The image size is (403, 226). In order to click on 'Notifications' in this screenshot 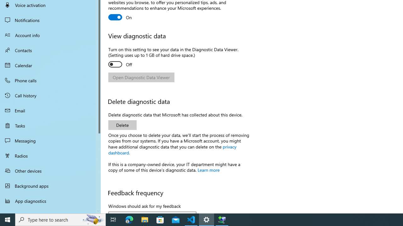, I will do `click(50, 20)`.